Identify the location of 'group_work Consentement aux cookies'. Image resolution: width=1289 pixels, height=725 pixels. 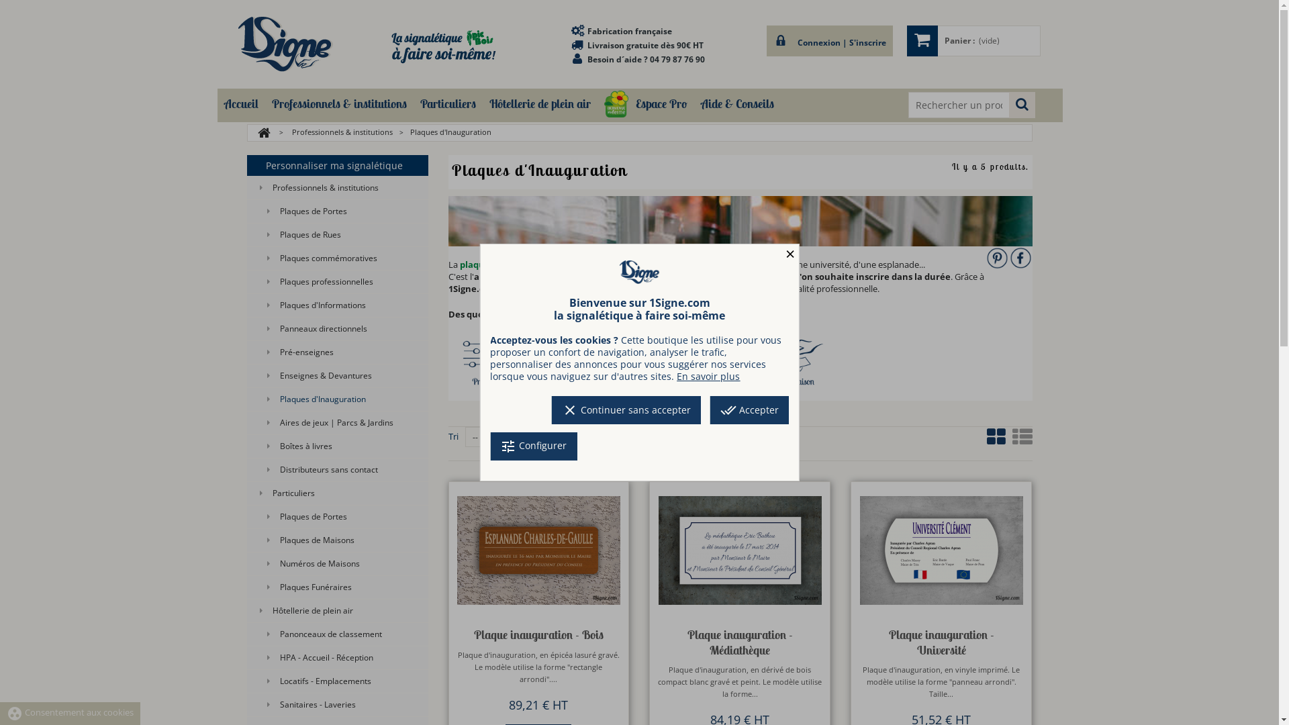
(69, 711).